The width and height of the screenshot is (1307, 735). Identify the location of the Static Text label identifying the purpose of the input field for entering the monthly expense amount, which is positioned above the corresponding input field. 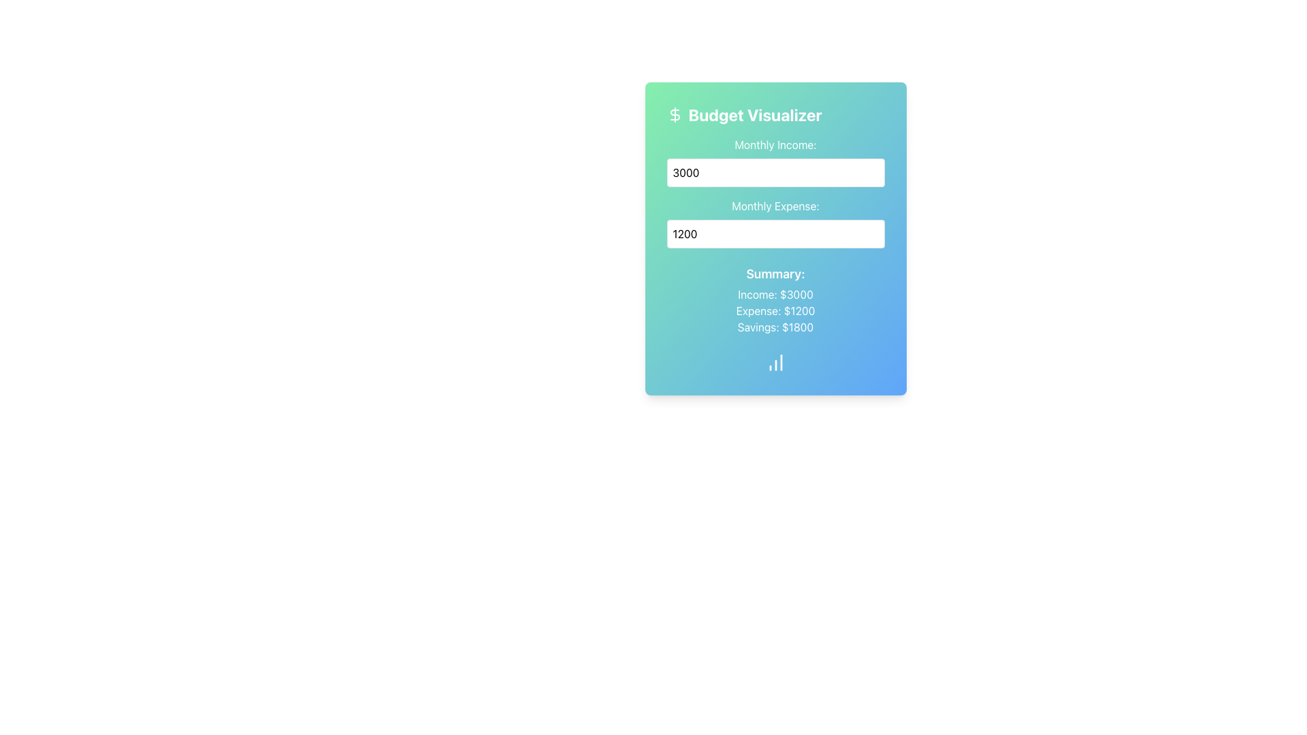
(775, 206).